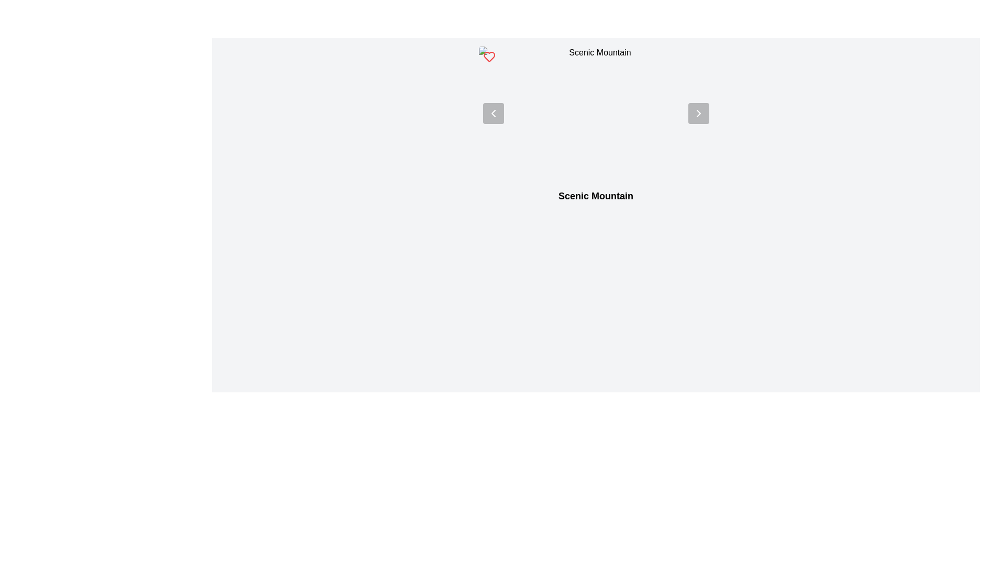 The width and height of the screenshot is (1005, 565). What do you see at coordinates (488, 56) in the screenshot?
I see `the red heart icon located near the top left section of the interface to like or favorite the item associated with the label 'Scenic Mountain'` at bounding box center [488, 56].